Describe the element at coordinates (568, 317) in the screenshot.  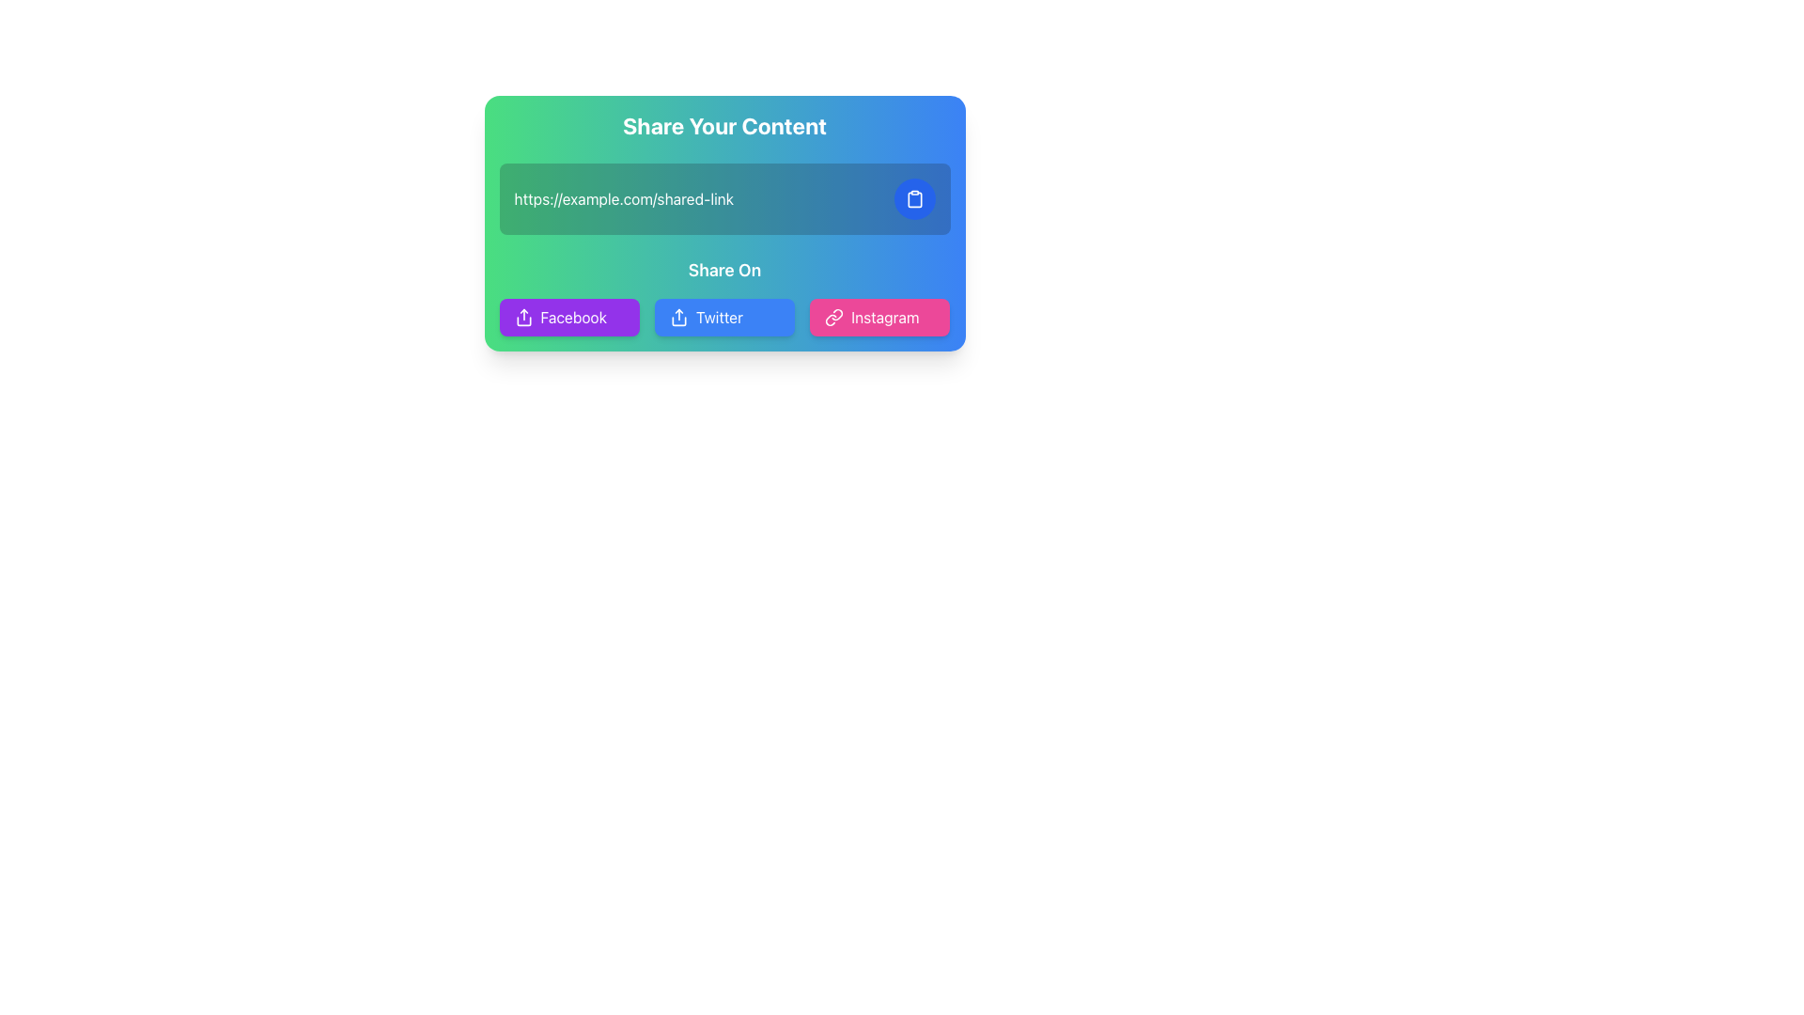
I see `the purple 'Facebook' button with rounded corners to share content` at that location.